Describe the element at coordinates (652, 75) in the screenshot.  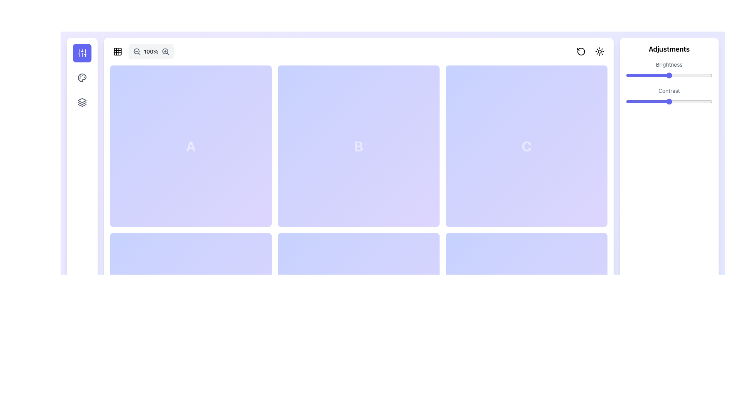
I see `the brightness level` at that location.